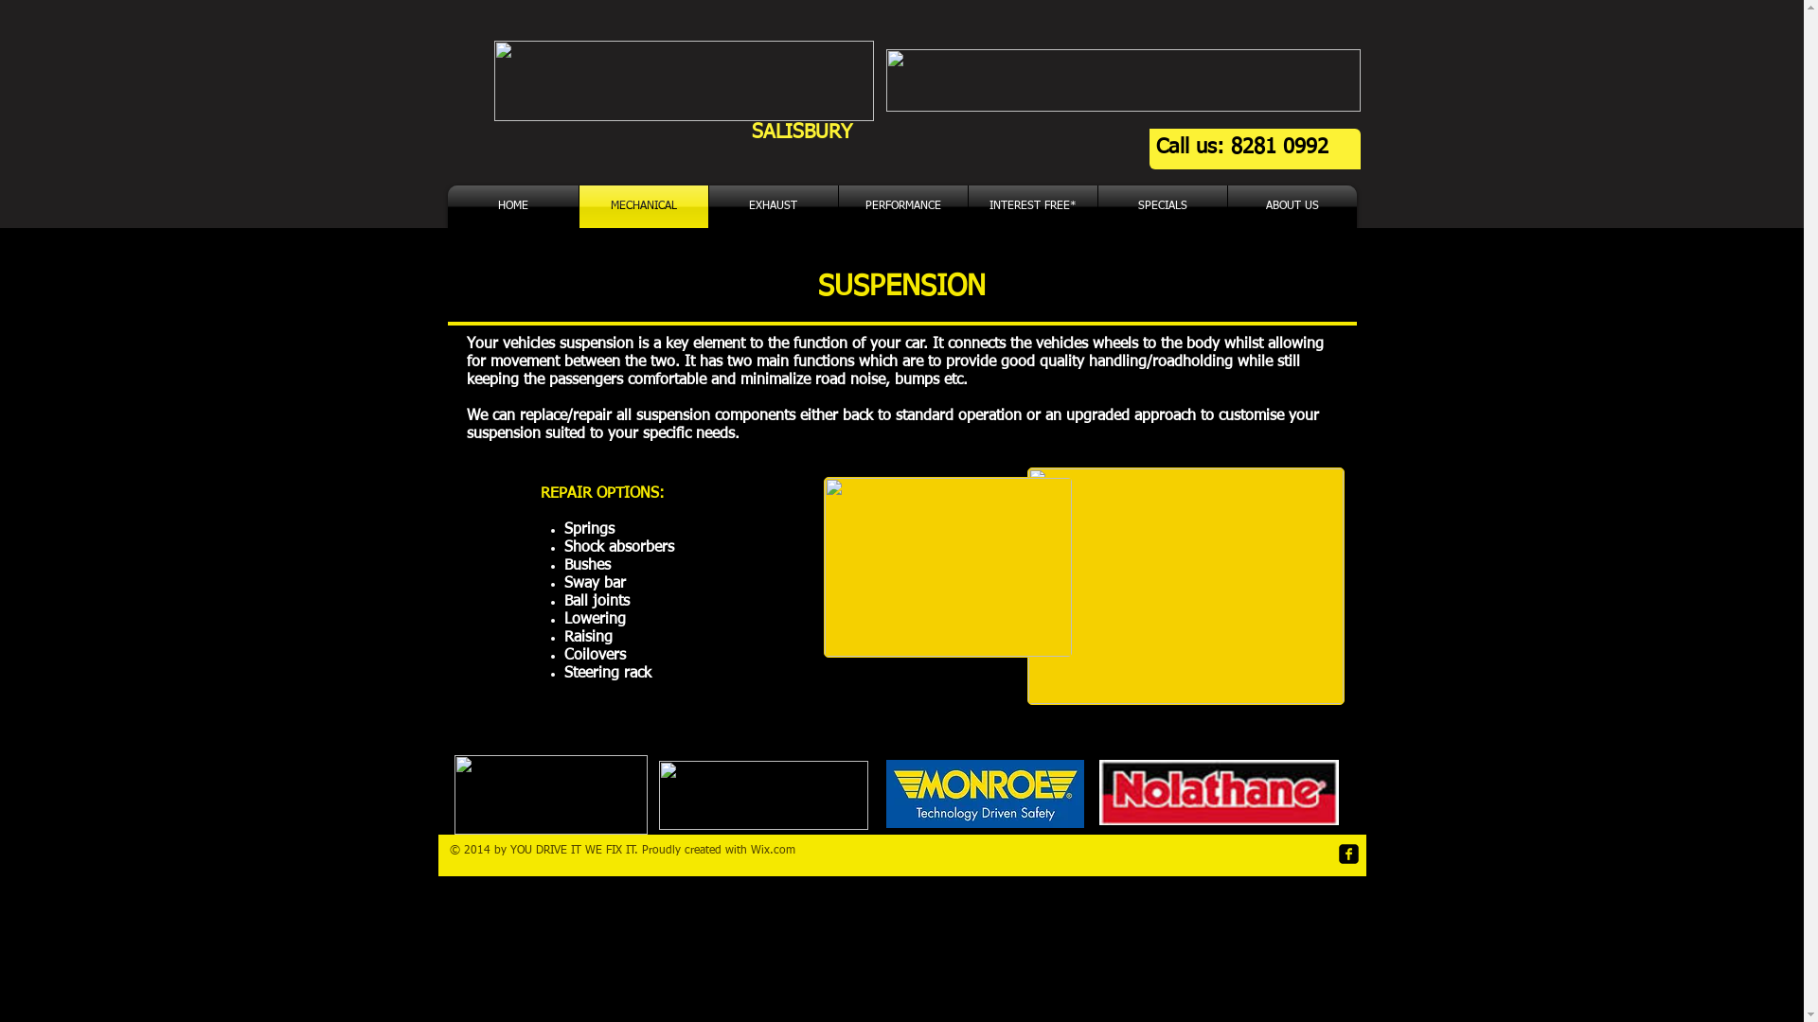 This screenshot has height=1022, width=1818. What do you see at coordinates (644, 206) in the screenshot?
I see `'MECHANICAL'` at bounding box center [644, 206].